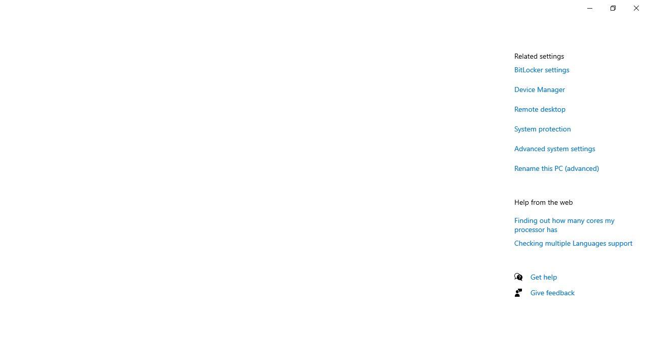 Image resolution: width=648 pixels, height=364 pixels. I want to click on 'Remote desktop', so click(539, 109).